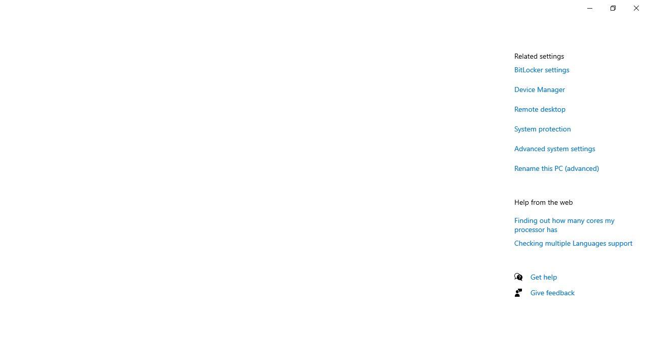 Image resolution: width=648 pixels, height=364 pixels. I want to click on 'Remote desktop', so click(539, 109).